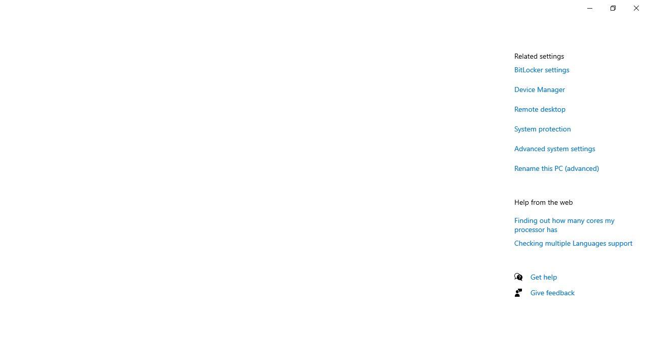 Image resolution: width=648 pixels, height=364 pixels. I want to click on 'Remote desktop', so click(539, 109).